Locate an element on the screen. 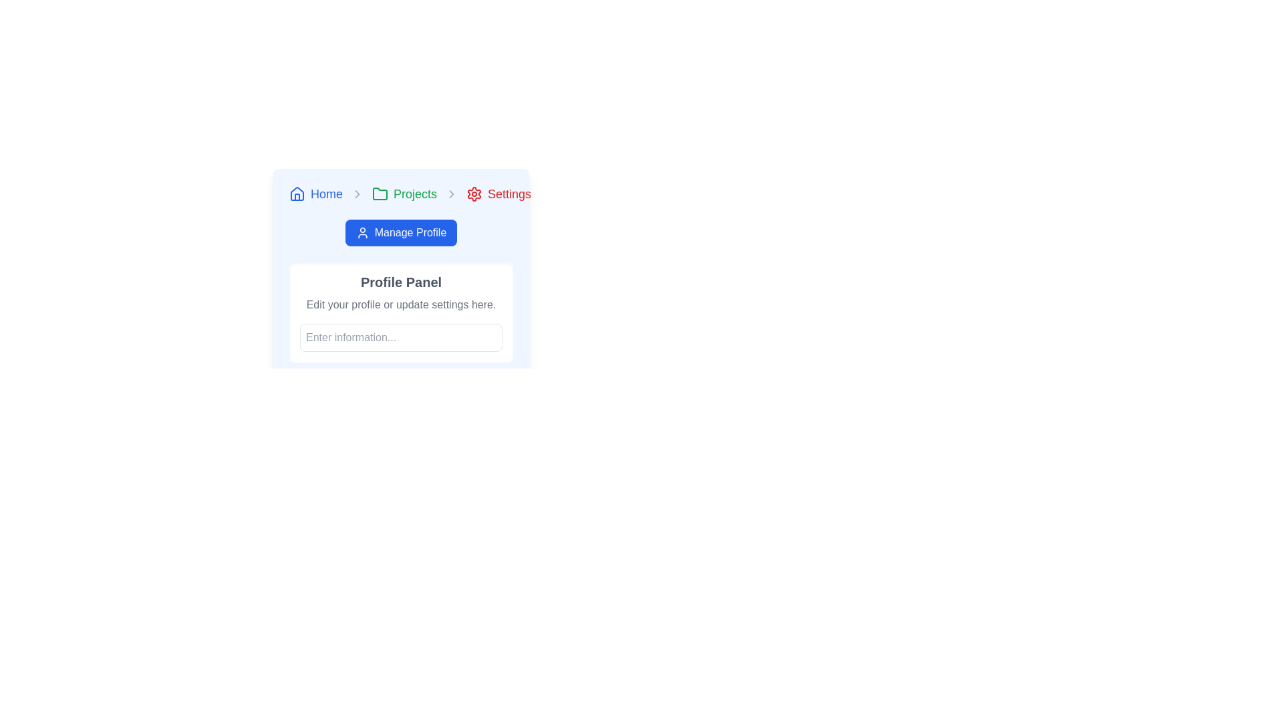 The width and height of the screenshot is (1283, 721). the second chevron icon in the breadcrumb navigation bar, which visually separates 'Projects' from 'Settings' is located at coordinates (452, 194).